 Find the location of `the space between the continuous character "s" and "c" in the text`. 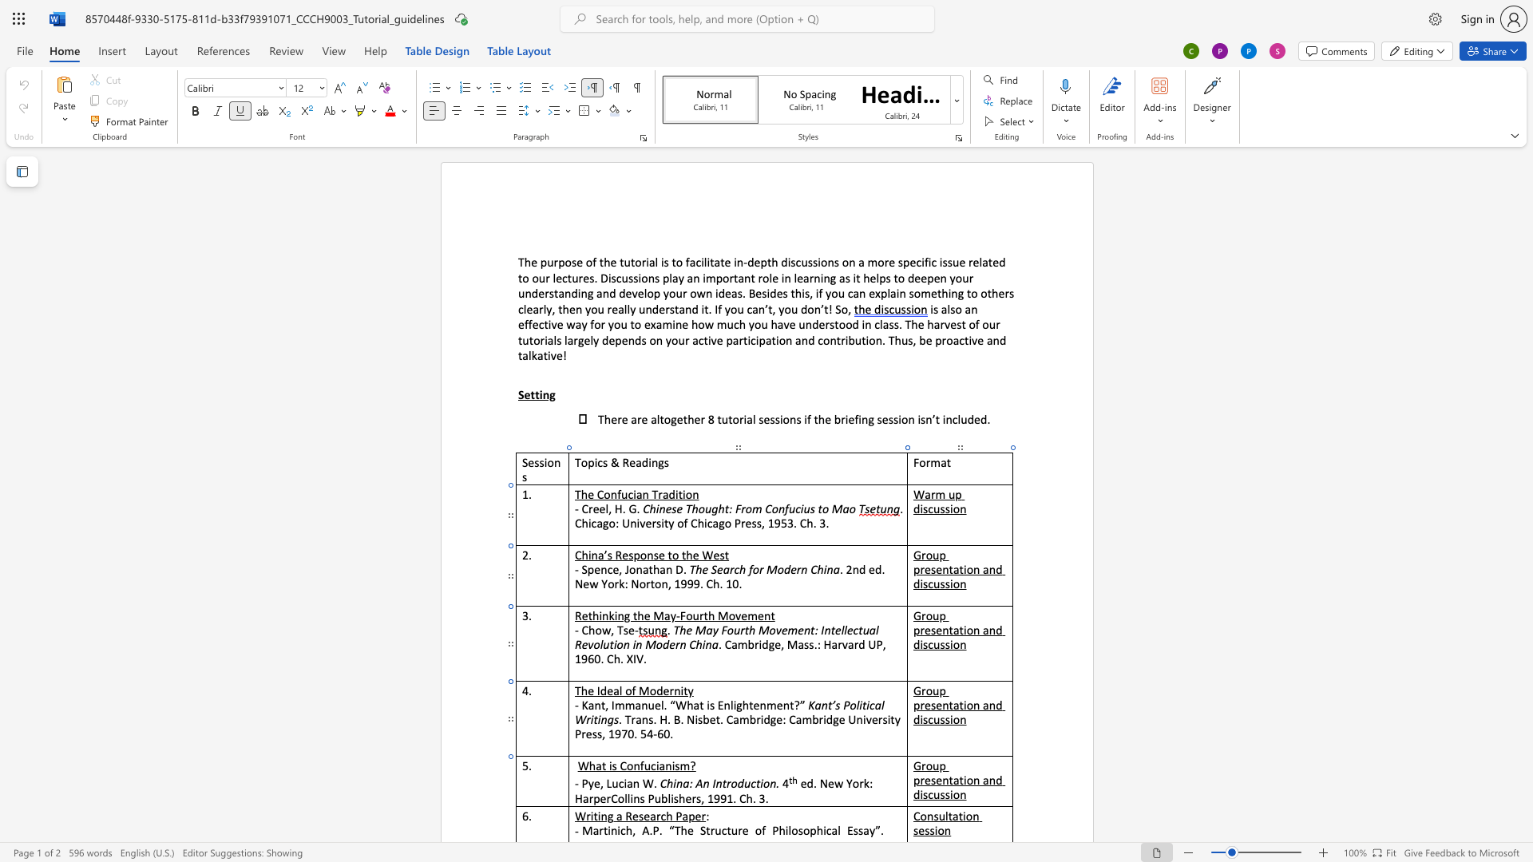

the space between the continuous character "s" and "c" in the text is located at coordinates (928, 719).